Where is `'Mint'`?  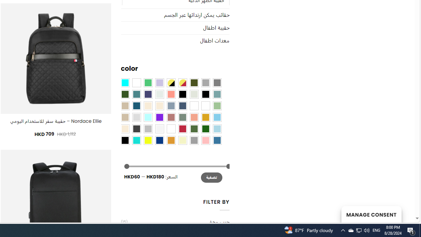 'Mint' is located at coordinates (147, 117).